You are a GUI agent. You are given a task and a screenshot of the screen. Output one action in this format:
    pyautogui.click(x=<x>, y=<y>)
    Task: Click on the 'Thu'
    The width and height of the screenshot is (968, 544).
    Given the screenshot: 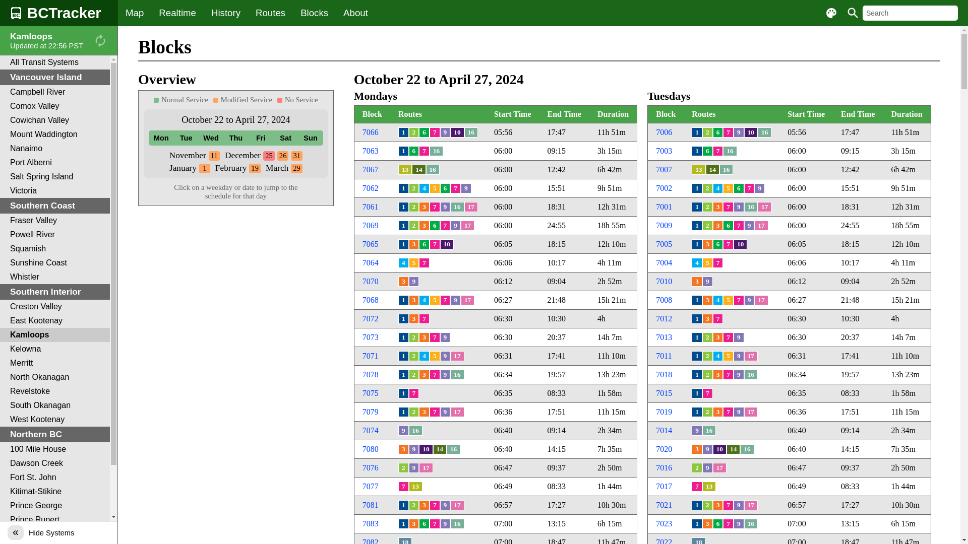 What is the action you would take?
    pyautogui.click(x=235, y=138)
    